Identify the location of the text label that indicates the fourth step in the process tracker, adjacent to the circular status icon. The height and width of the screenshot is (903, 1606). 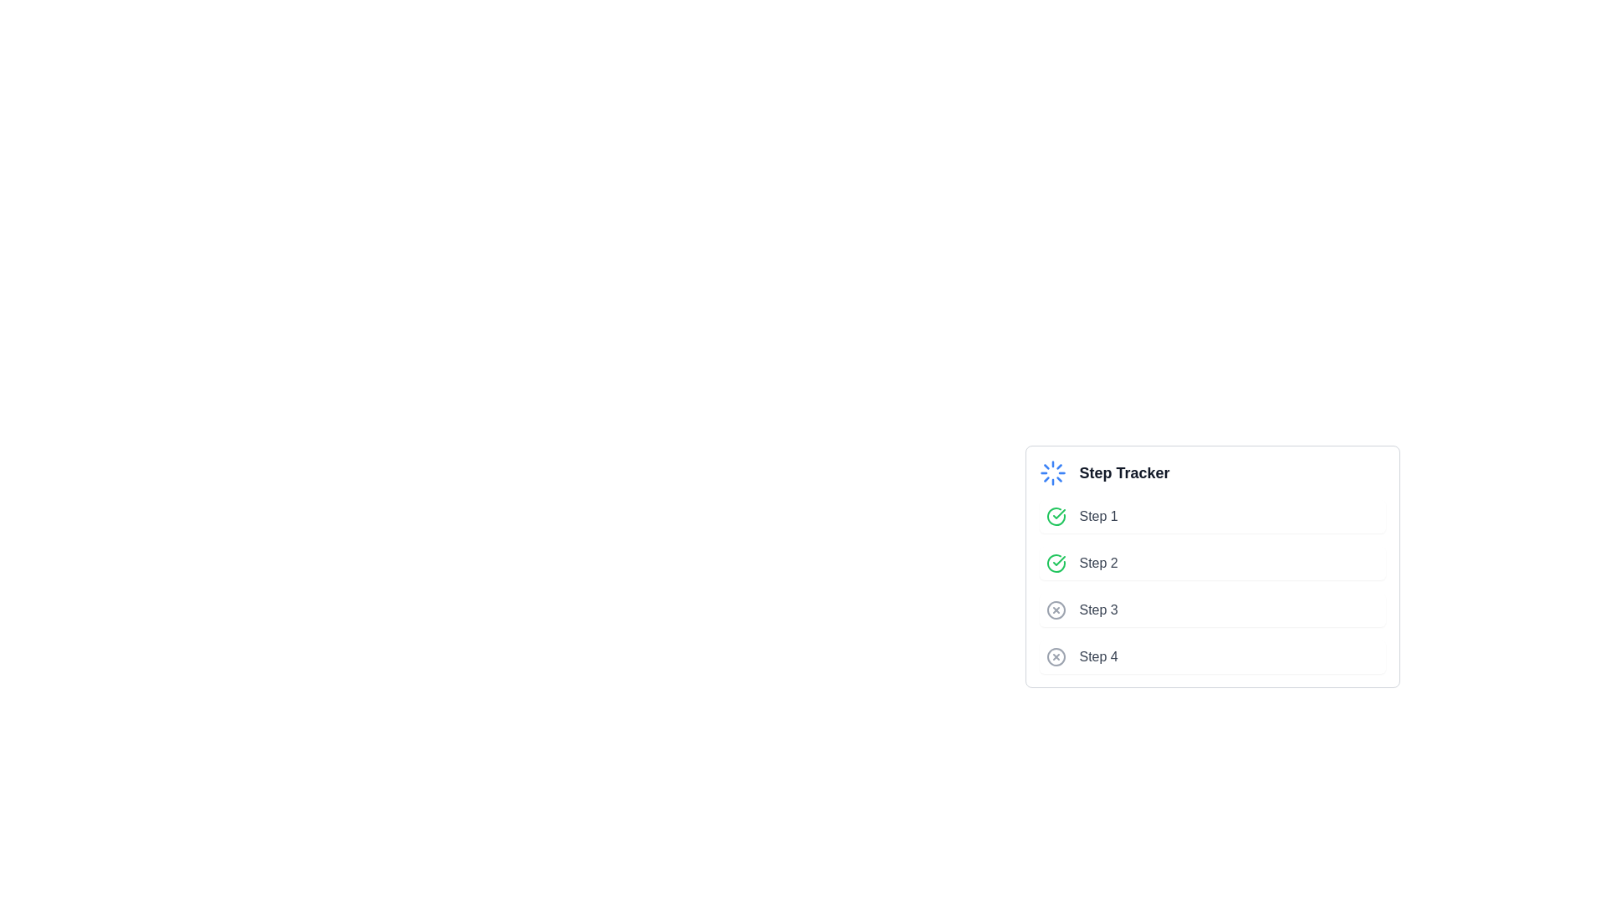
(1098, 656).